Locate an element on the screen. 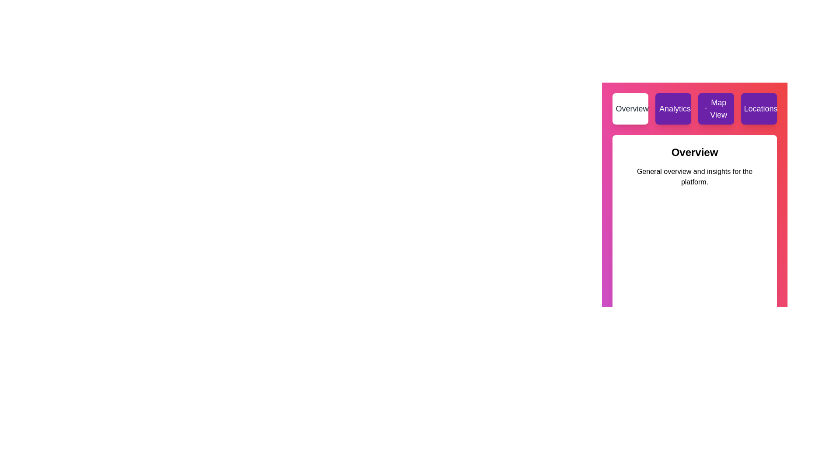 The width and height of the screenshot is (840, 472). the 'Locations' button, which is the rightmost button in a set of four, featuring a purple background that darkens slightly when hovered over is located at coordinates (758, 108).